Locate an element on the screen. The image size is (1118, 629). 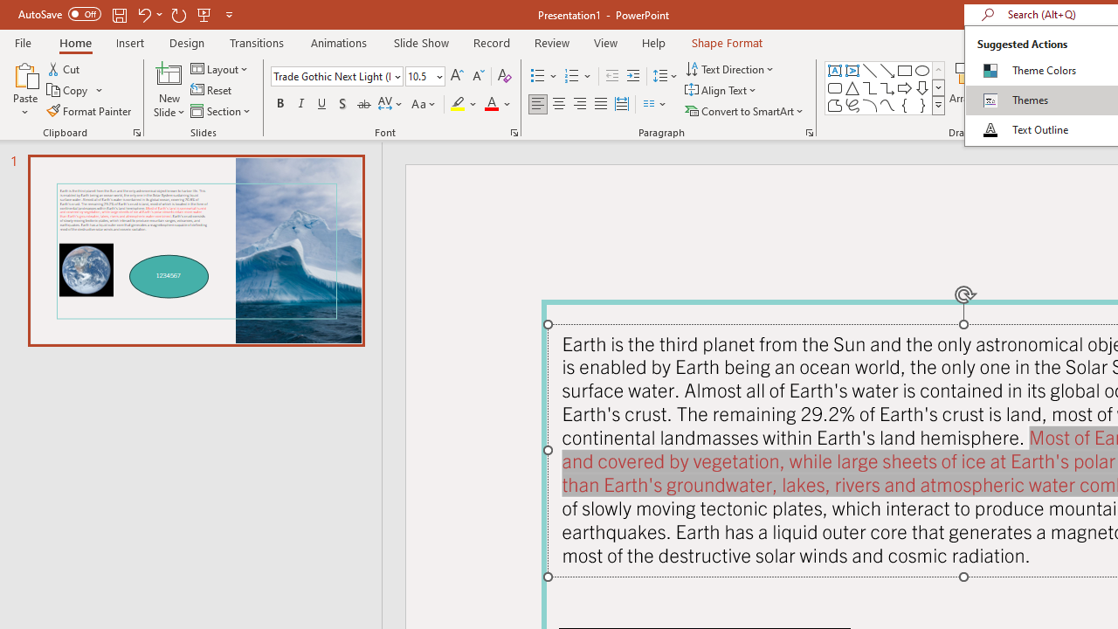
'Text Direction' is located at coordinates (731, 68).